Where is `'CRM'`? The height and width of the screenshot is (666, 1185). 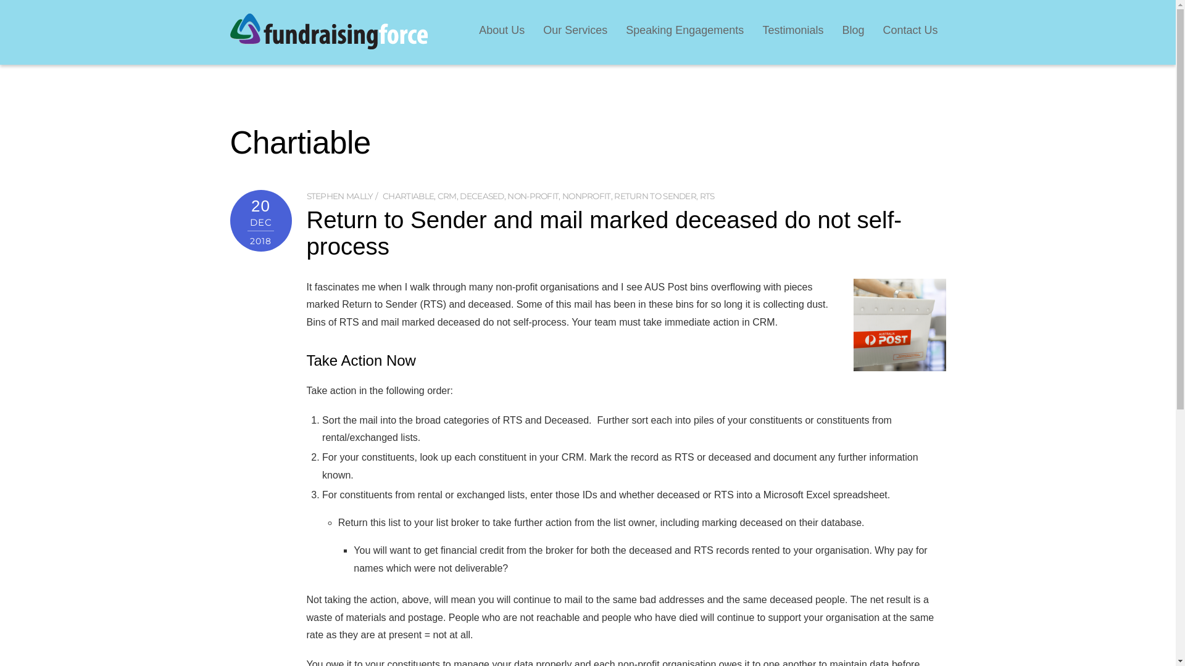 'CRM' is located at coordinates (446, 195).